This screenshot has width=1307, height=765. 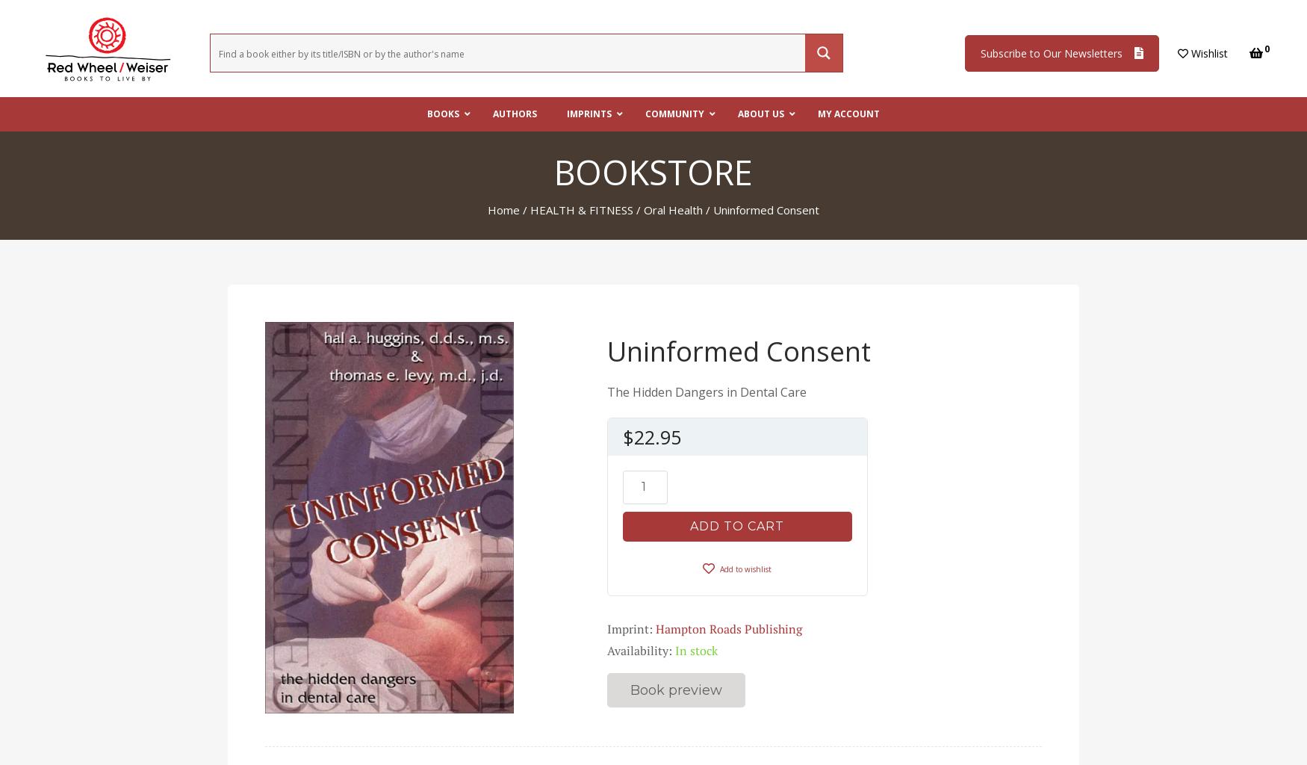 What do you see at coordinates (653, 170) in the screenshot?
I see `'Bookstore'` at bounding box center [653, 170].